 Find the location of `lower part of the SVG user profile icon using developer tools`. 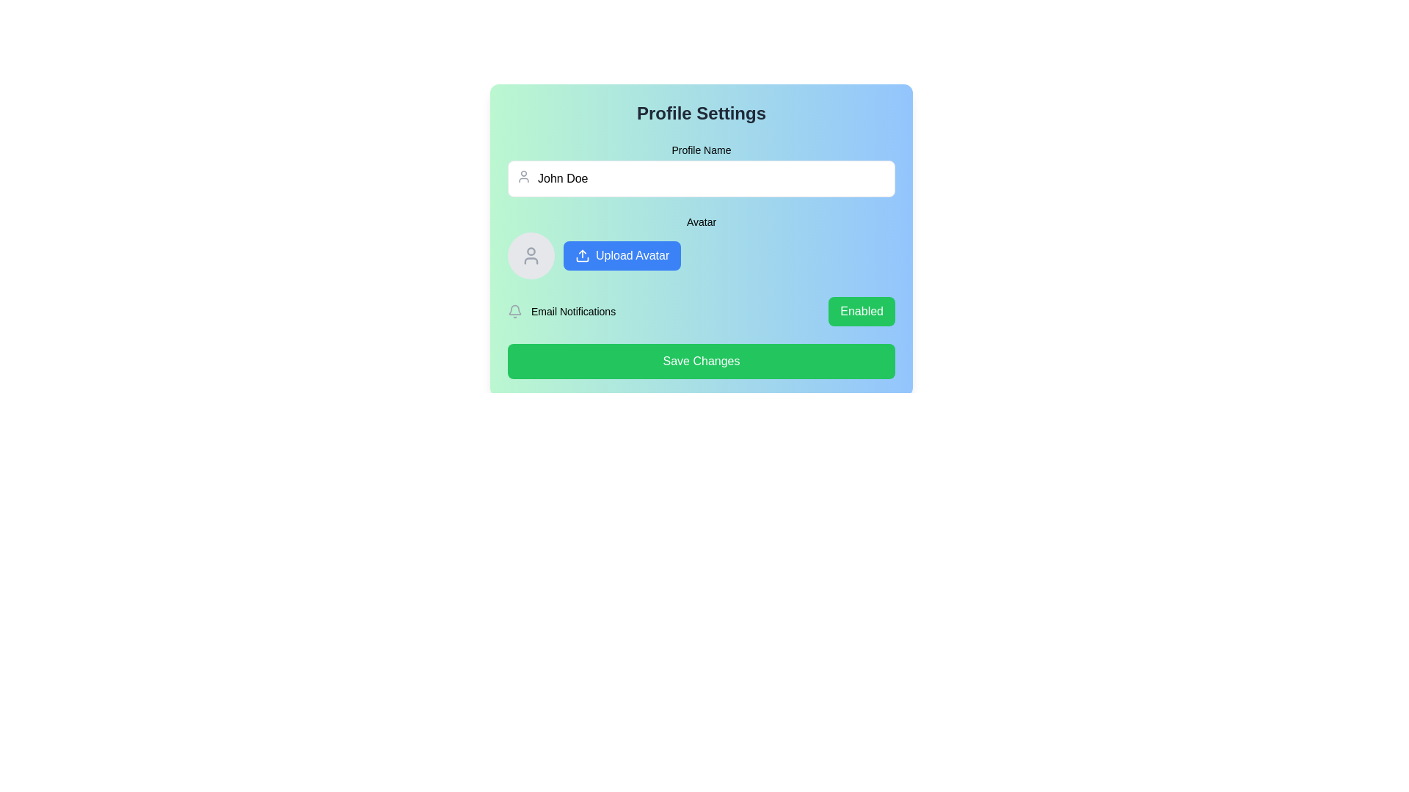

lower part of the SVG user profile icon using developer tools is located at coordinates (531, 260).